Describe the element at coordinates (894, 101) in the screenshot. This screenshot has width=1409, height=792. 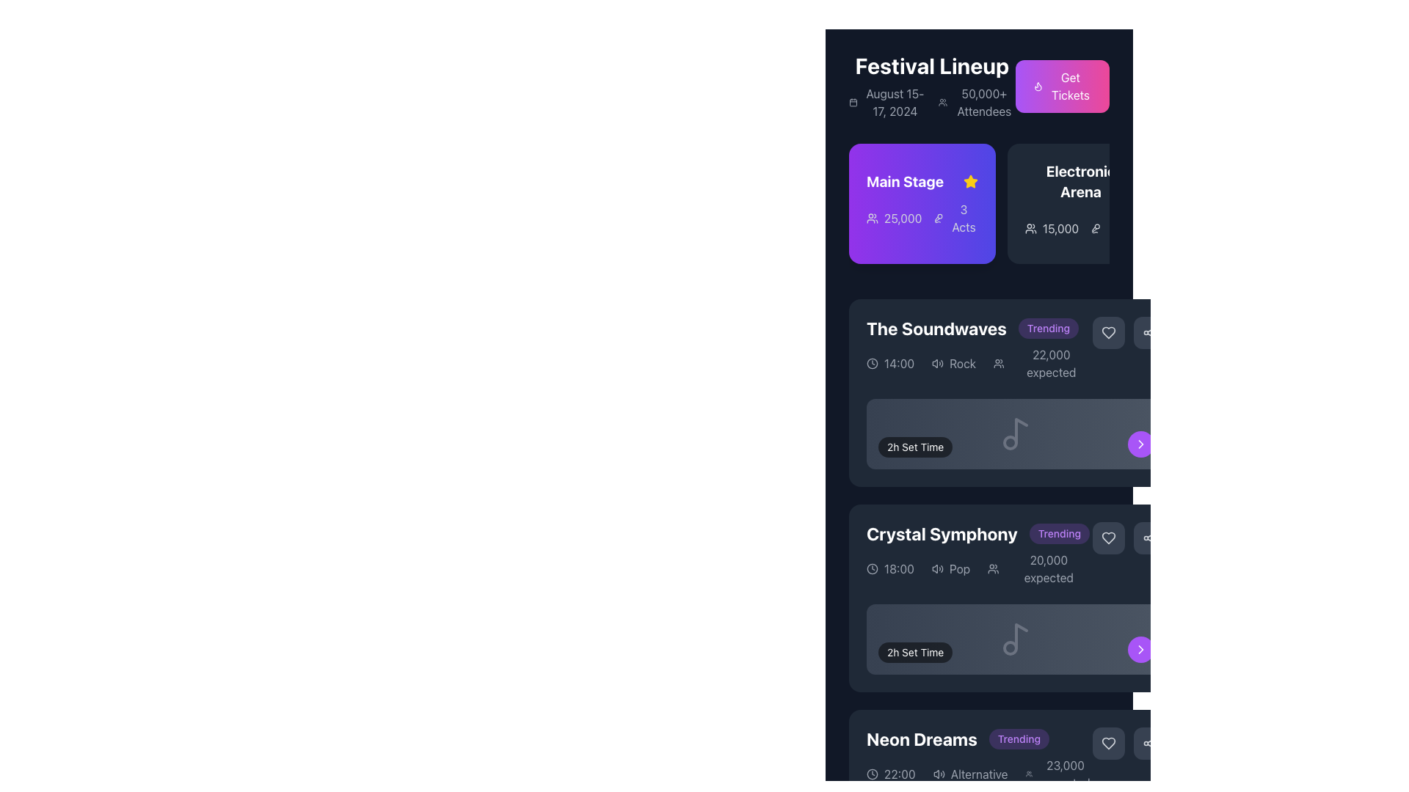
I see `the Text Label displaying 'August 15-17, 2024' which is located beneath the header 'Festival Lineup' in the top-left section of the panel` at that location.